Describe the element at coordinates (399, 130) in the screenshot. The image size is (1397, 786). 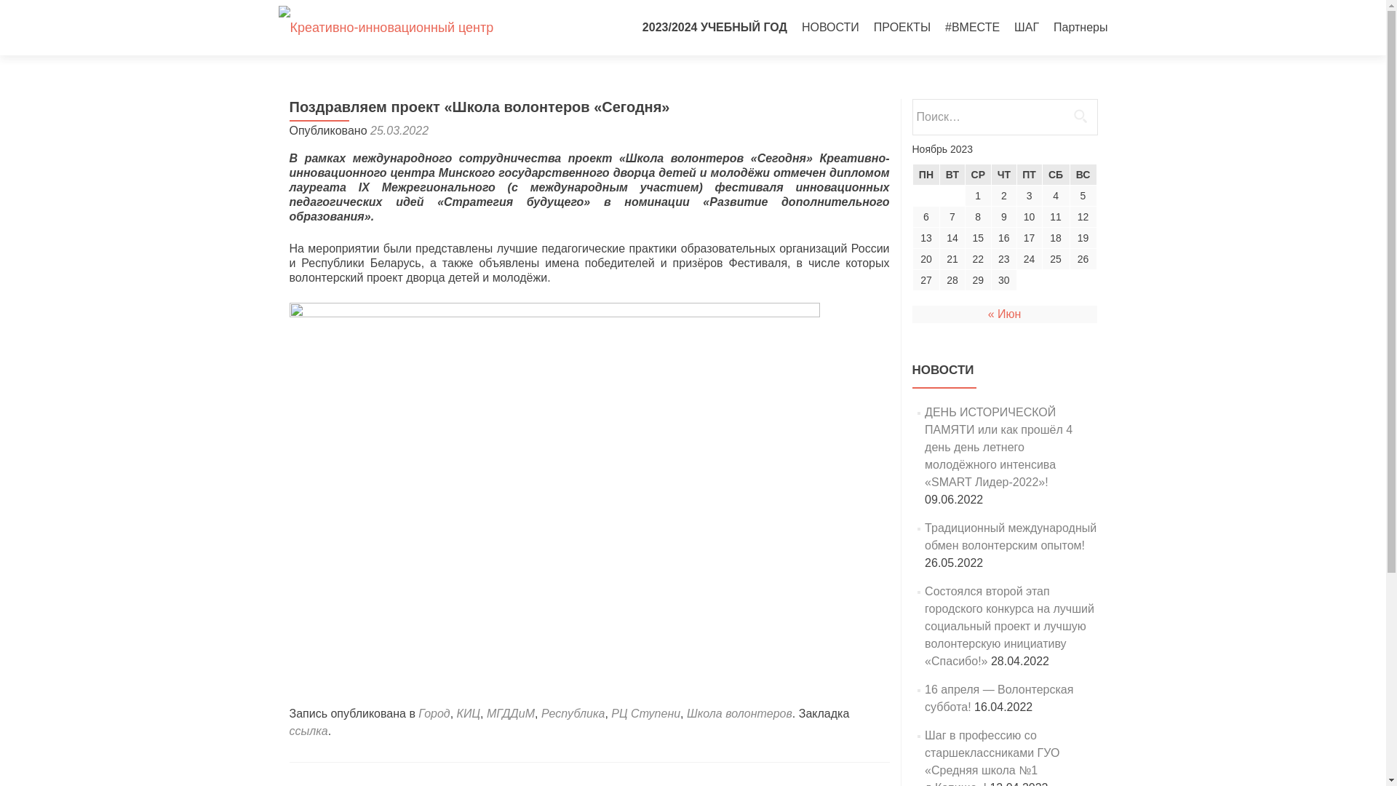
I see `'25.03.2022'` at that location.